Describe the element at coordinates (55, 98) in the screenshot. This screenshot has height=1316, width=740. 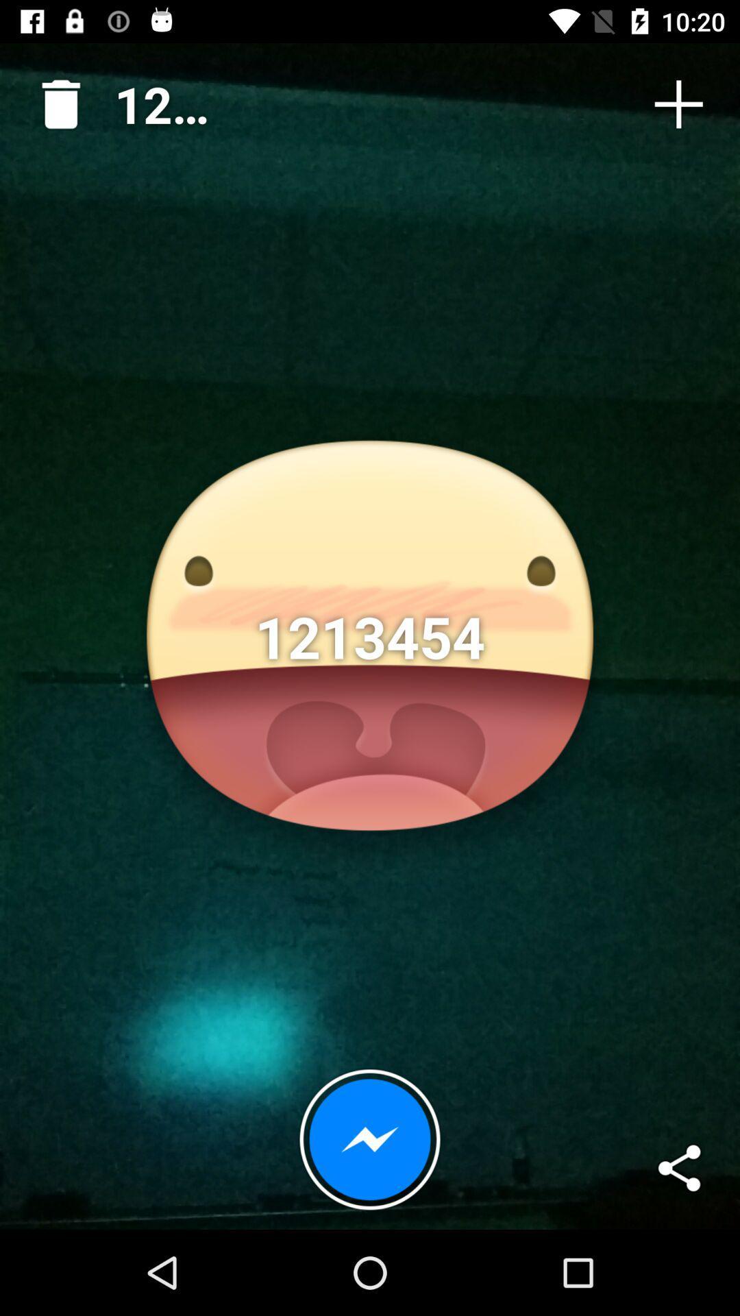
I see `the icon to the left of 1213454 item` at that location.